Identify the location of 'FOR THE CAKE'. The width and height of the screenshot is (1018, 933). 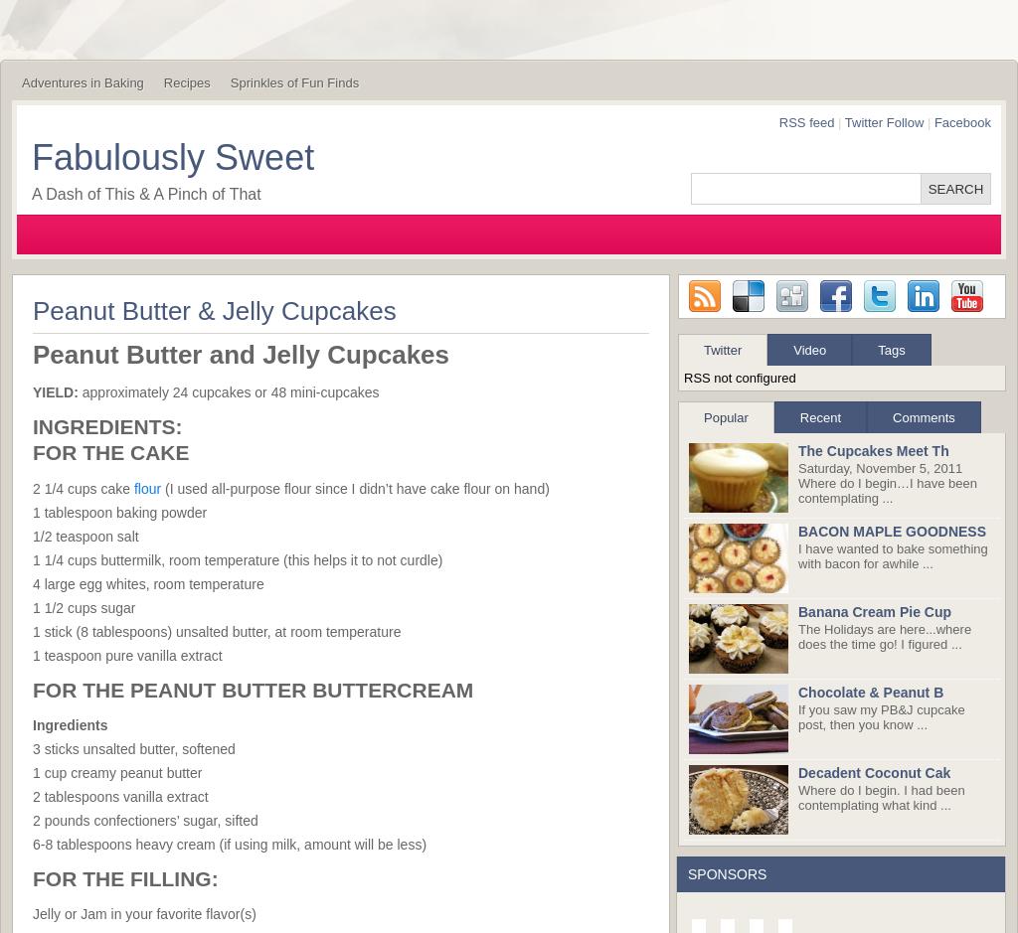
(110, 452).